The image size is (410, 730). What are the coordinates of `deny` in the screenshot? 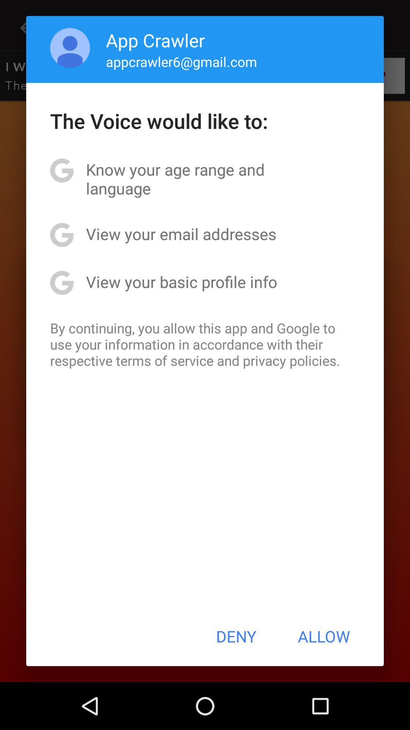 It's located at (236, 636).